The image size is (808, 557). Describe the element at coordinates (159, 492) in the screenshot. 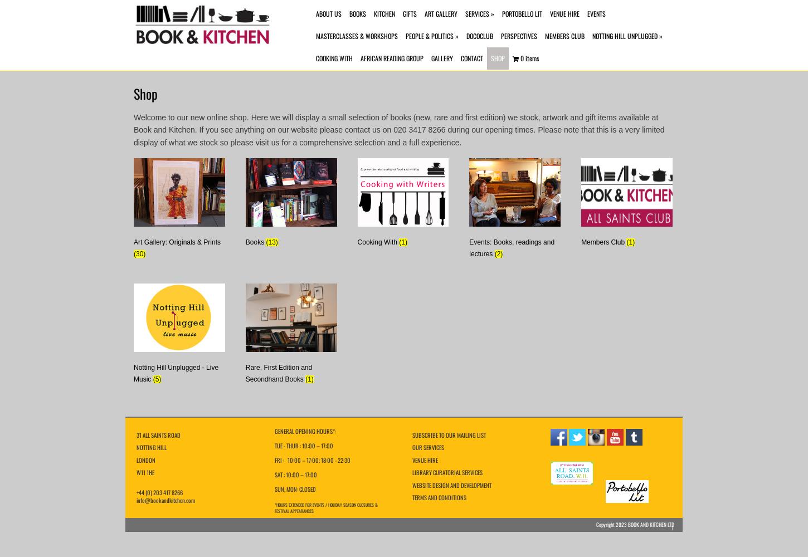

I see `'+44 (0) 203 417 8266'` at that location.